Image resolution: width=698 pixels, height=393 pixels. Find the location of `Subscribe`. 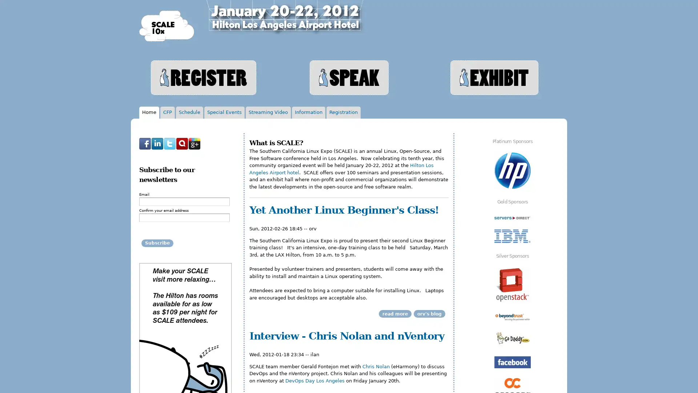

Subscribe is located at coordinates (157, 243).